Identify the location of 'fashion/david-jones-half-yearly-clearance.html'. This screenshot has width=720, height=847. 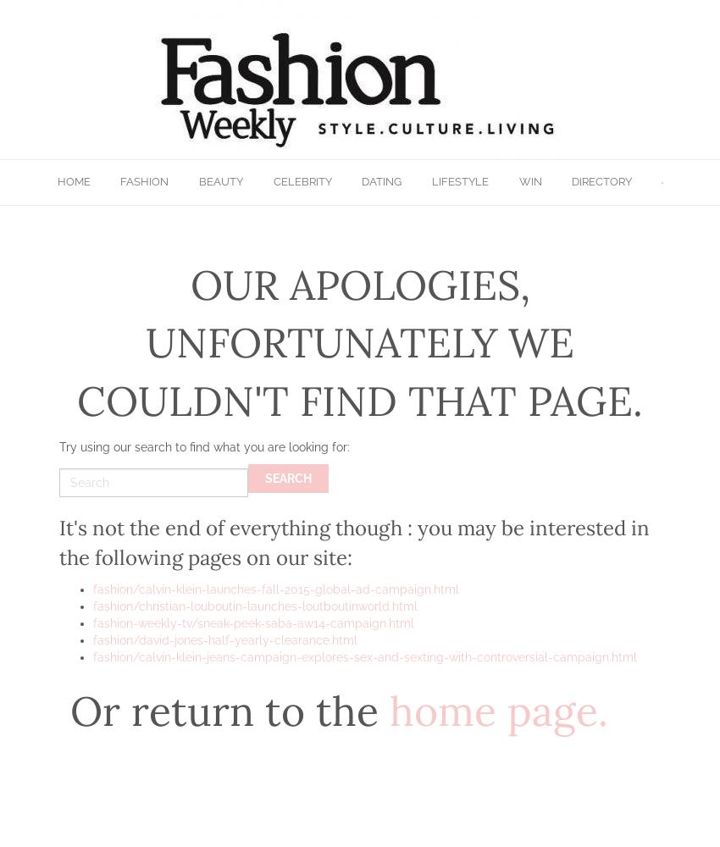
(224, 639).